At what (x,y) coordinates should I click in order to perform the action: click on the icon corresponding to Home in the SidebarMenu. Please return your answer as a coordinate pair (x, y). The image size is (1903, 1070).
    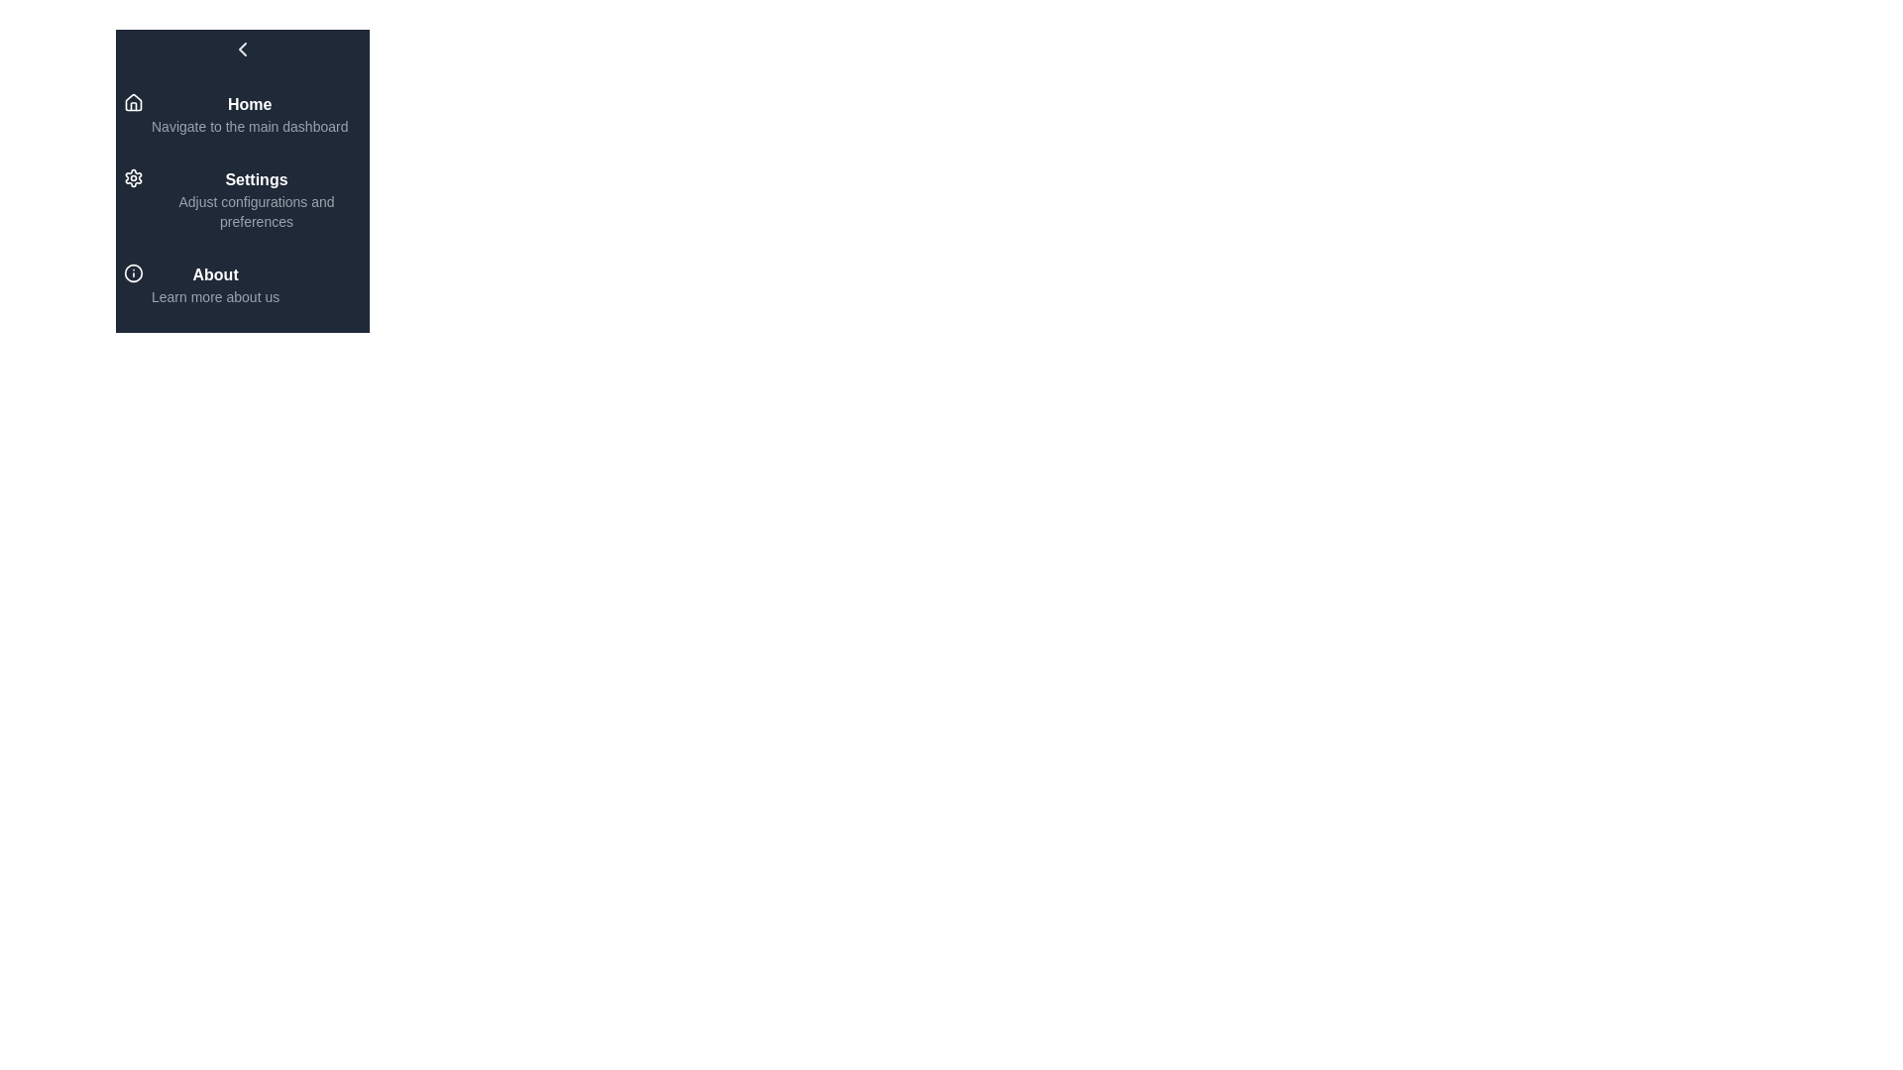
    Looking at the image, I should click on (132, 103).